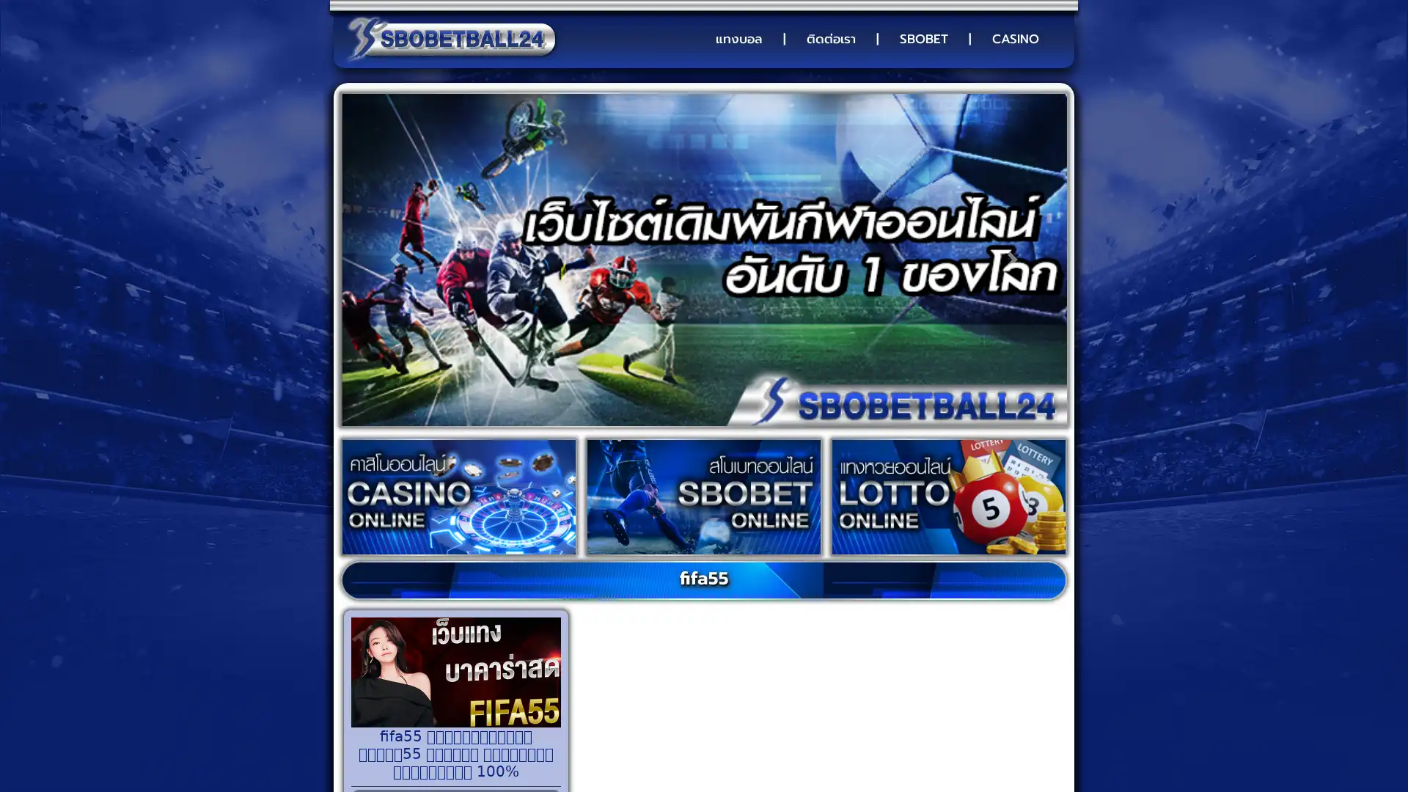 This screenshot has width=1408, height=792. I want to click on Next, so click(1011, 259).